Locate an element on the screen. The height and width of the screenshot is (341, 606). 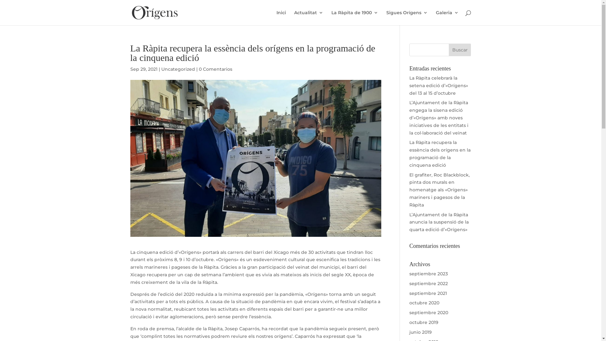
'septiembre 2023' is located at coordinates (429, 273).